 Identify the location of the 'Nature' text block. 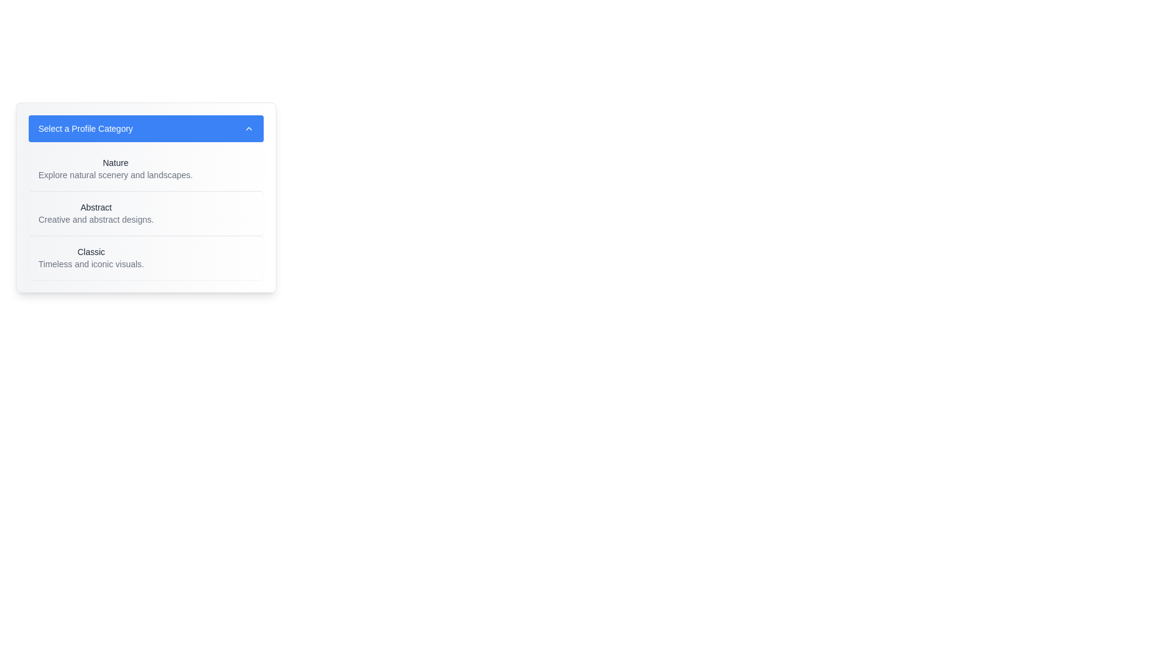
(115, 169).